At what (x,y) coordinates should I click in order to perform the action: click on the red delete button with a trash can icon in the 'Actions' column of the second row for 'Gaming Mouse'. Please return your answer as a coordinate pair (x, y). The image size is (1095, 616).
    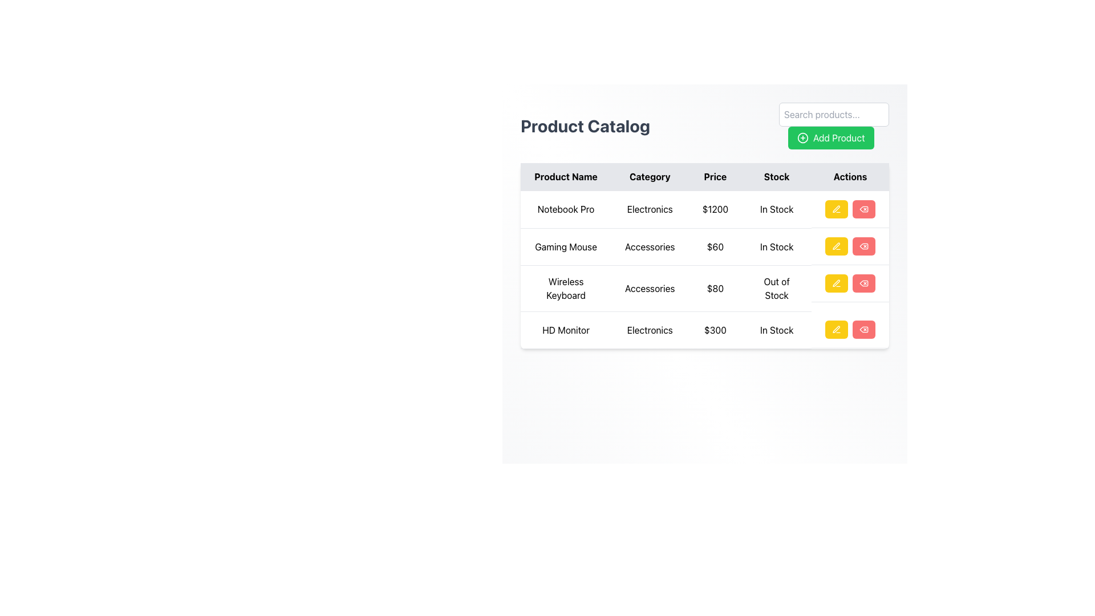
    Looking at the image, I should click on (864, 246).